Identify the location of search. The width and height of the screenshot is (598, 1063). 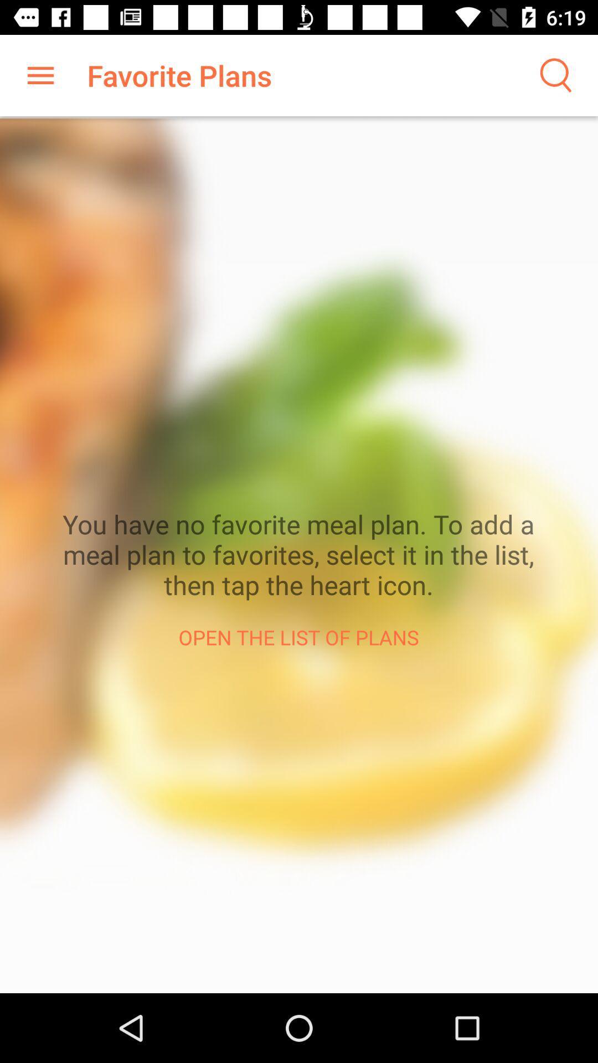
(554, 75).